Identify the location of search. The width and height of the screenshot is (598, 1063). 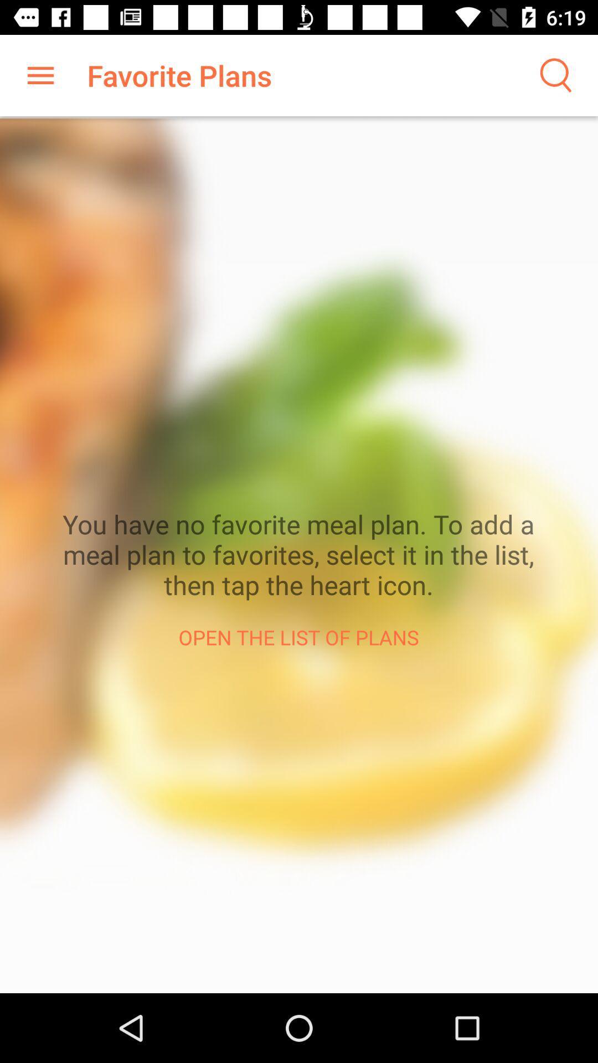
(554, 75).